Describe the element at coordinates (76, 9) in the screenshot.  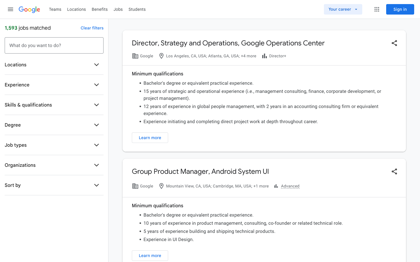
I see `Review all places` at that location.